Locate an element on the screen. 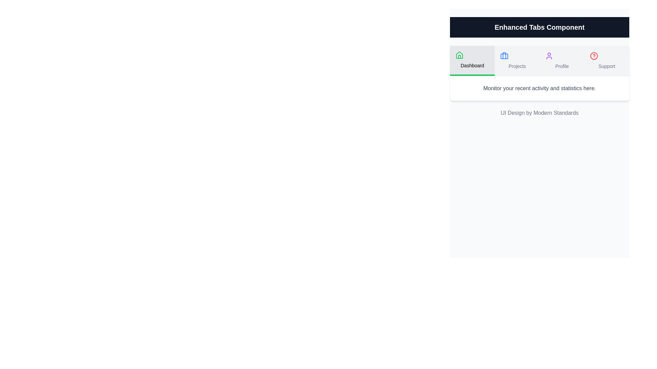 The width and height of the screenshot is (657, 369). the 'Support' label, which displays the word 'Support' in gray color underneath a help circle icon in the header navigation bar is located at coordinates (607, 66).